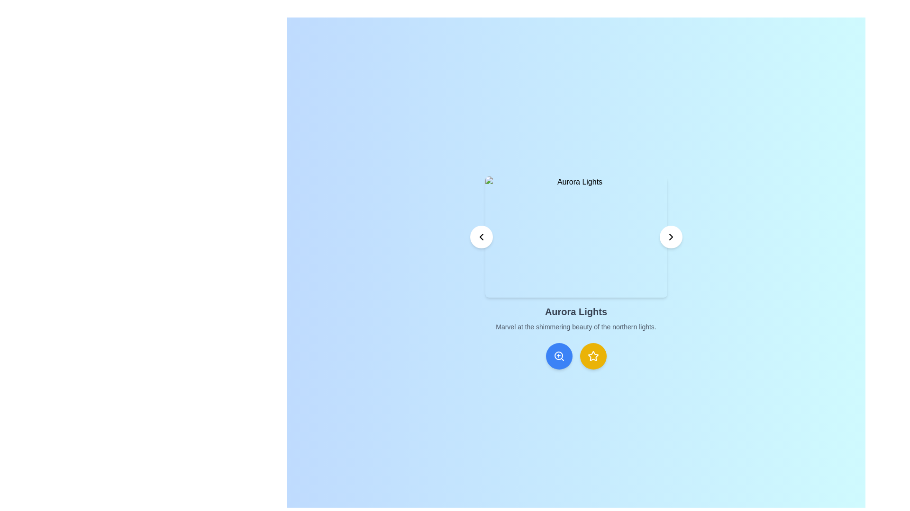 Image resolution: width=910 pixels, height=511 pixels. What do you see at coordinates (670, 237) in the screenshot?
I see `the right-facing chevron icon within the circular white button` at bounding box center [670, 237].